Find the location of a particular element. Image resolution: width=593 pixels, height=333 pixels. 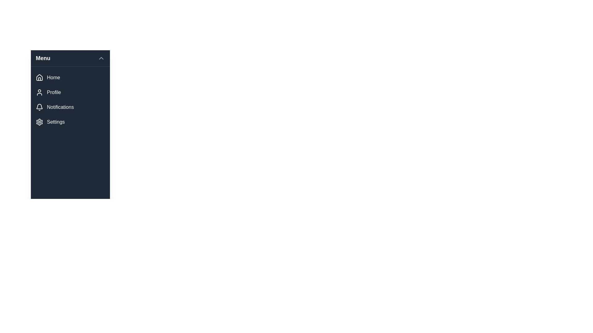

the 'Notifications' text label, which is the third item in the vertical menu on the left side of the interface, positioned to the right of the bell icon is located at coordinates (60, 107).